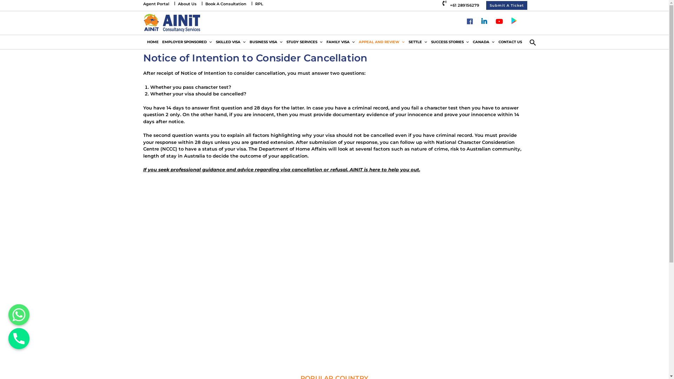  Describe the element at coordinates (266, 42) in the screenshot. I see `'BUSINESS VISA'` at that location.